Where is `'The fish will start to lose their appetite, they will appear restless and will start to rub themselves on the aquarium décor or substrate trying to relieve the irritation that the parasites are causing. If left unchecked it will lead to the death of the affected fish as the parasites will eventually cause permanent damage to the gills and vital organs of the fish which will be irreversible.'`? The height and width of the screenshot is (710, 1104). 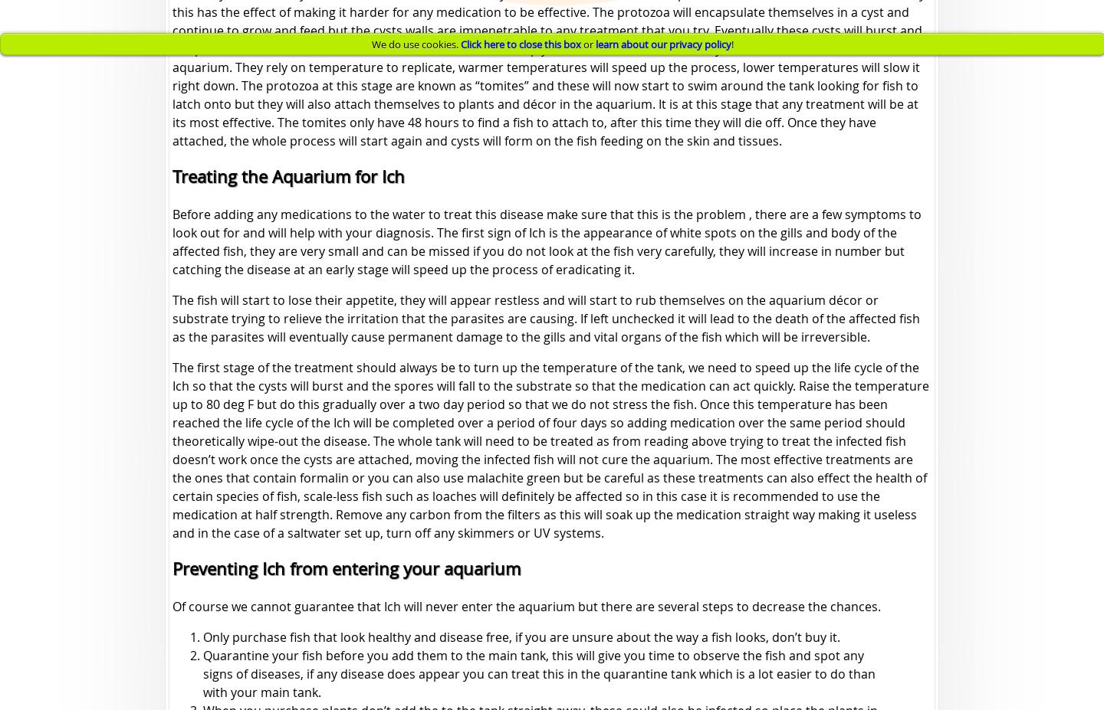
'The fish will start to lose their appetite, they will appear restless and will start to rub themselves on the aquarium décor or substrate trying to relieve the irritation that the parasites are causing. If left unchecked it will lead to the death of the affected fish as the parasites will eventually cause permanent damage to the gills and vital organs of the fish which will be irreversible.' is located at coordinates (546, 318).